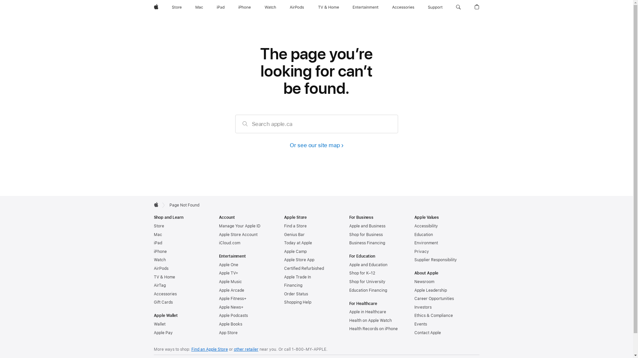  Describe the element at coordinates (433, 315) in the screenshot. I see `'Ethics & Compliance'` at that location.